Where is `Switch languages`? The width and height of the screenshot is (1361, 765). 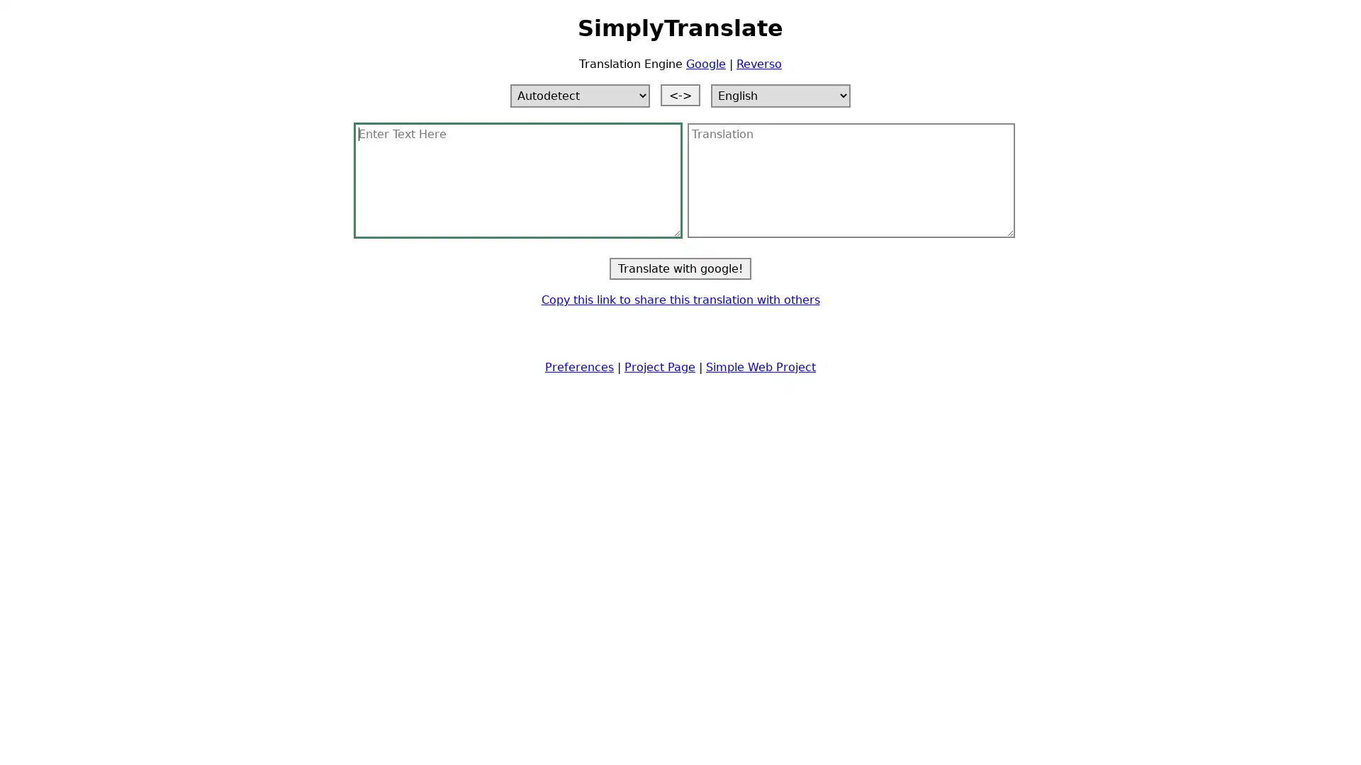
Switch languages is located at coordinates (680, 94).